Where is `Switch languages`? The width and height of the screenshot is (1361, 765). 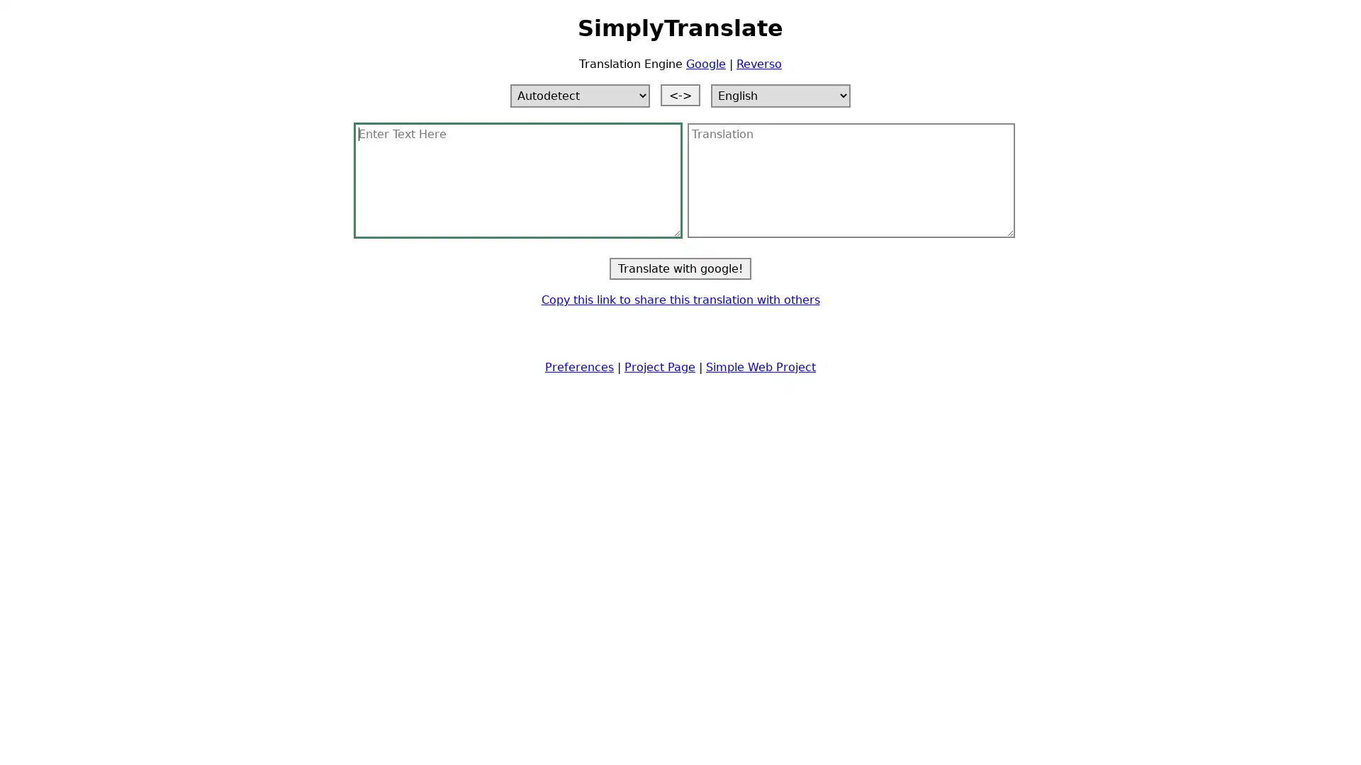
Switch languages is located at coordinates (680, 94).